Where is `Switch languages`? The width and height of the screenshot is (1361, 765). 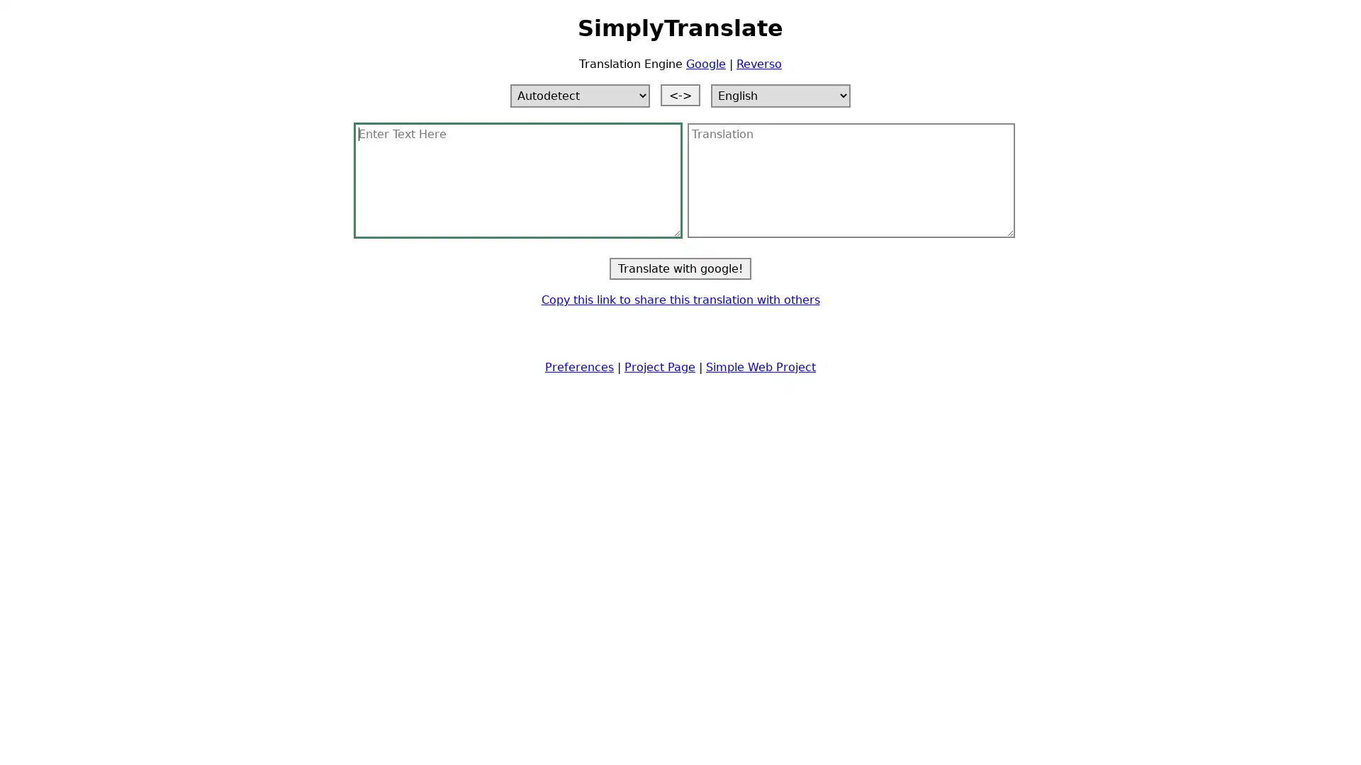
Switch languages is located at coordinates (680, 94).